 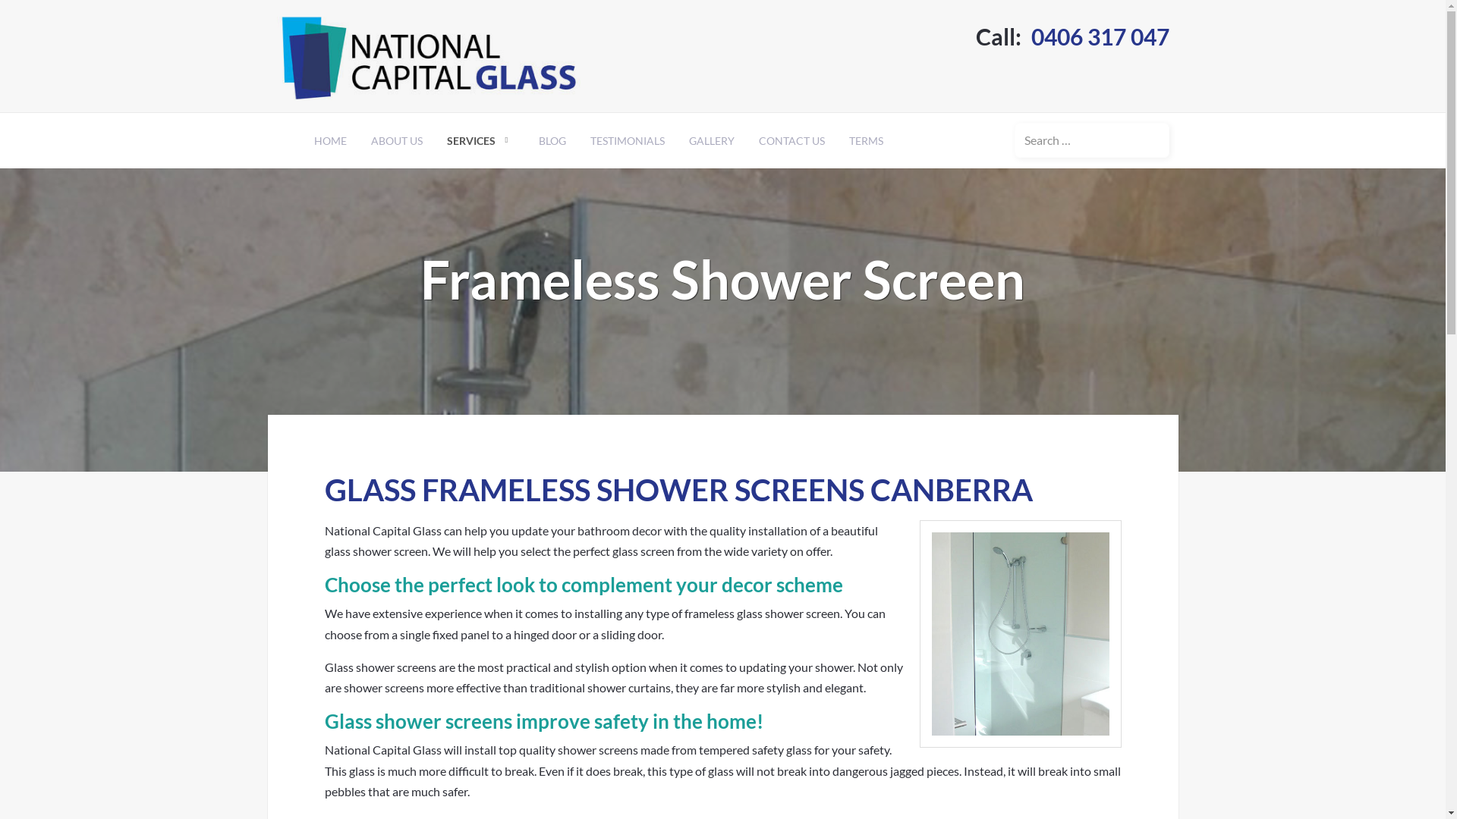 I want to click on 'TERMS', so click(x=865, y=140).